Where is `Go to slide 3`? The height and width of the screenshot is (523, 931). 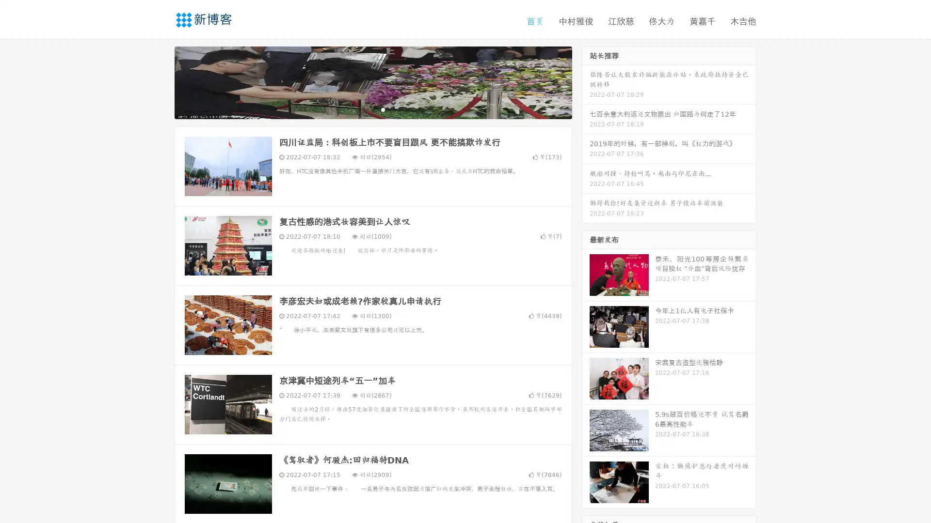
Go to slide 3 is located at coordinates (383, 109).